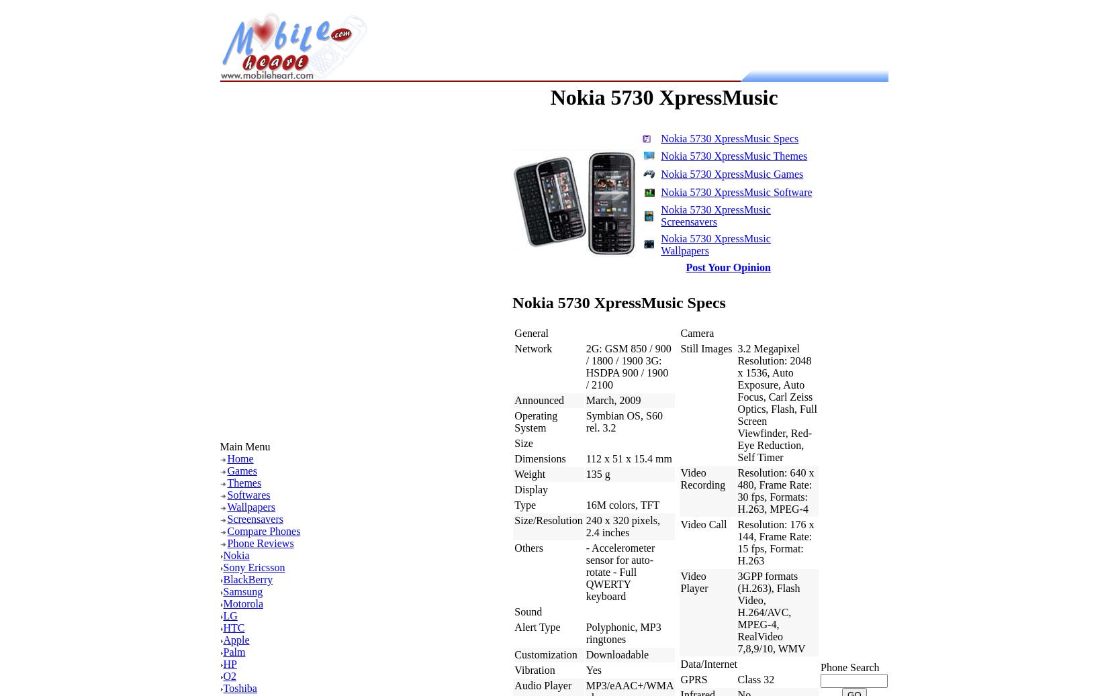 The image size is (1108, 696). What do you see at coordinates (358, 345) in the screenshot?
I see `'for themes & applications. Nokia announced the advent of latest Music Stores, further Arrives With Music begines and a latest Nokia music mobile phone. Free themes for'` at bounding box center [358, 345].